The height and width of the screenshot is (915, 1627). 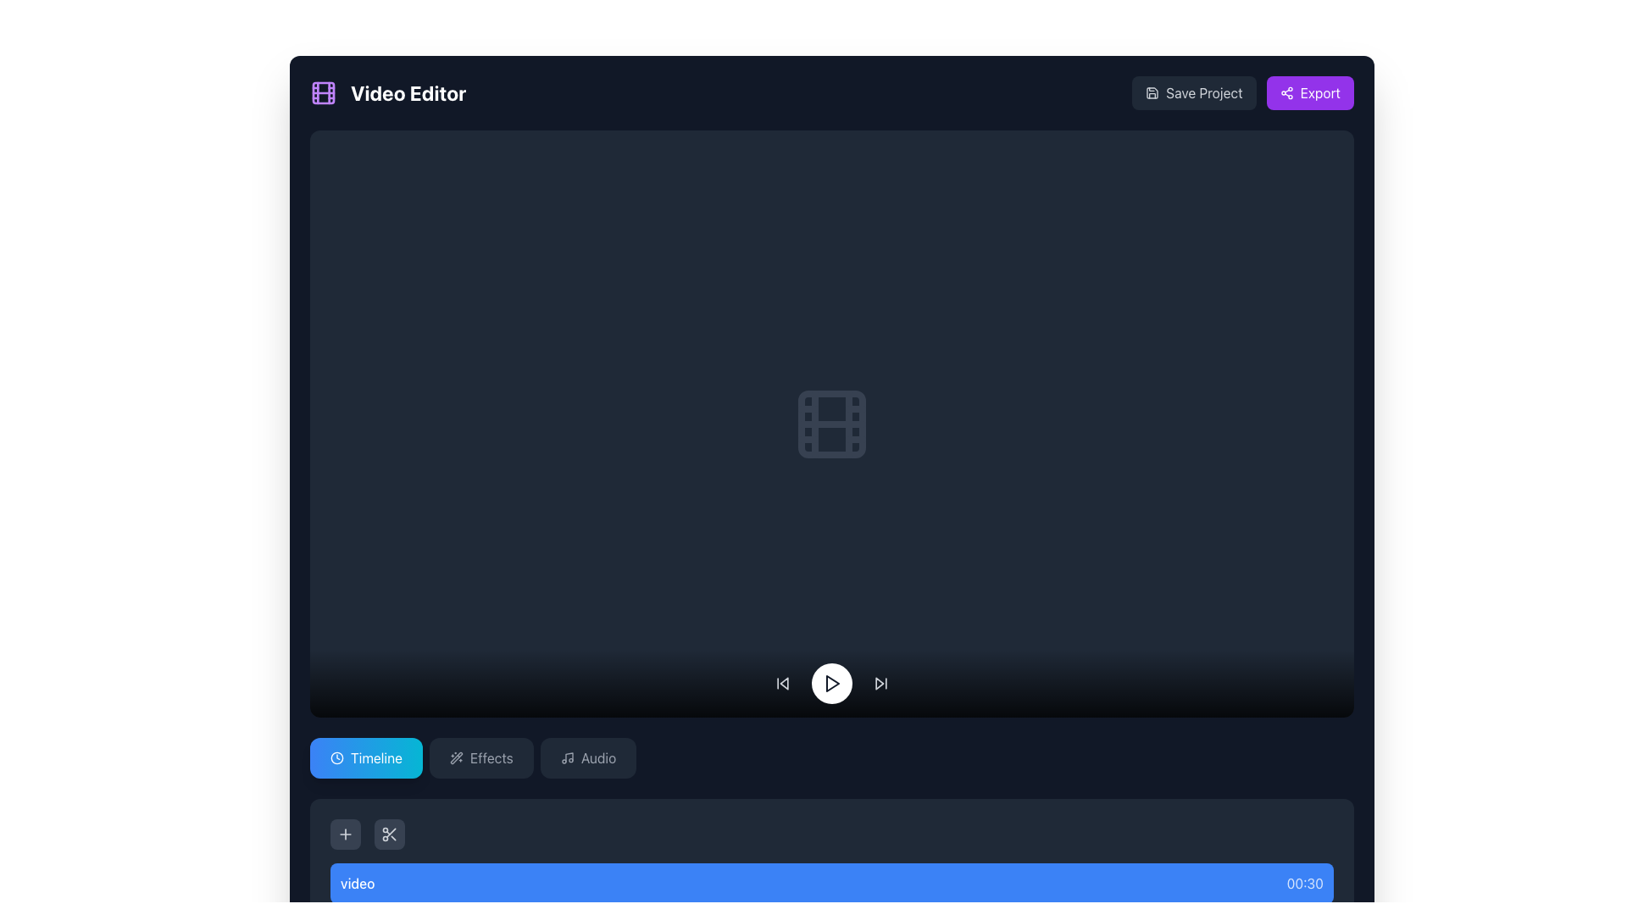 What do you see at coordinates (832, 882) in the screenshot?
I see `the 'video' button labeled with duration '00:30', which is the first selectable entry in a vertical list of components` at bounding box center [832, 882].